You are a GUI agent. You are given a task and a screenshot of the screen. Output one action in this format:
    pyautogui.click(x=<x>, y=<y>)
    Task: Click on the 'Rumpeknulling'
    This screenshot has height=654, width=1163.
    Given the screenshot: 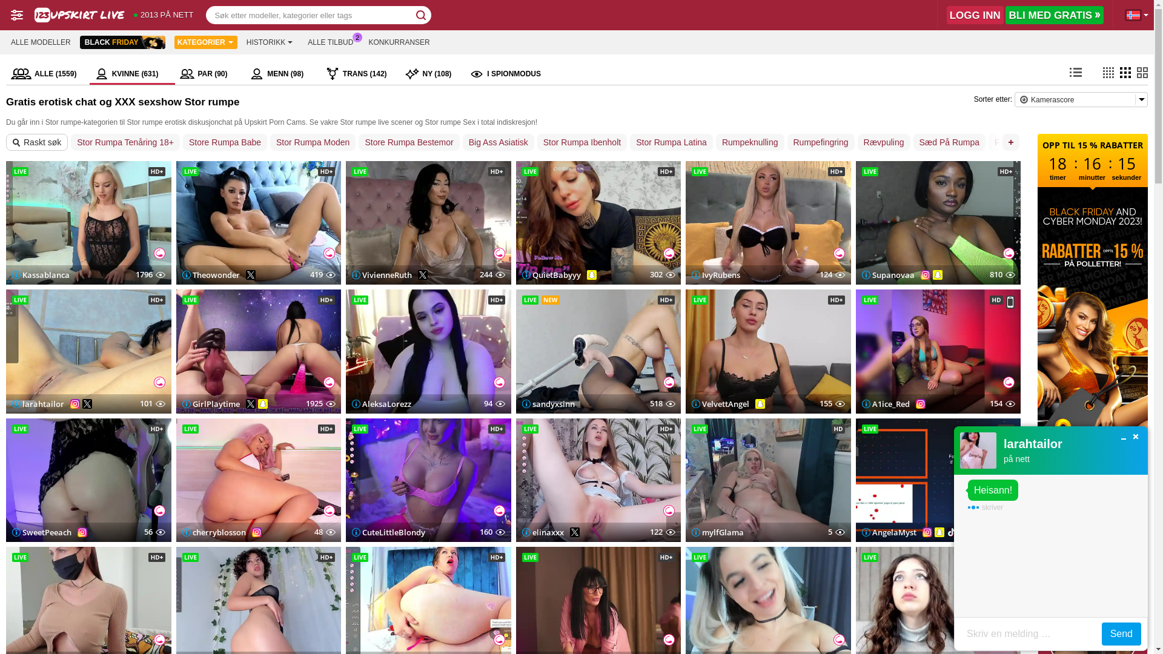 What is the action you would take?
    pyautogui.click(x=749, y=142)
    